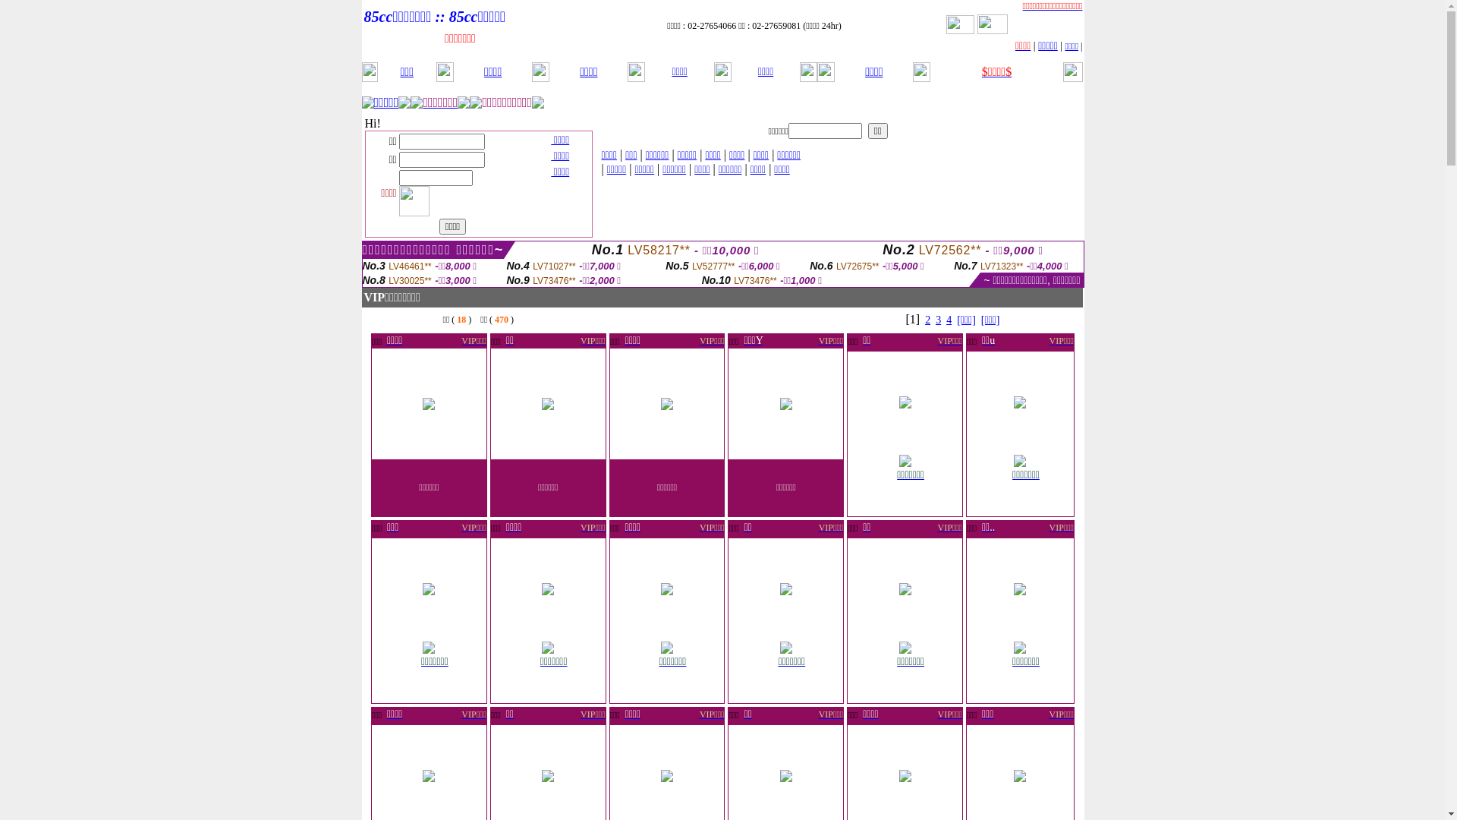 Image resolution: width=1457 pixels, height=820 pixels. I want to click on '4', so click(948, 319).